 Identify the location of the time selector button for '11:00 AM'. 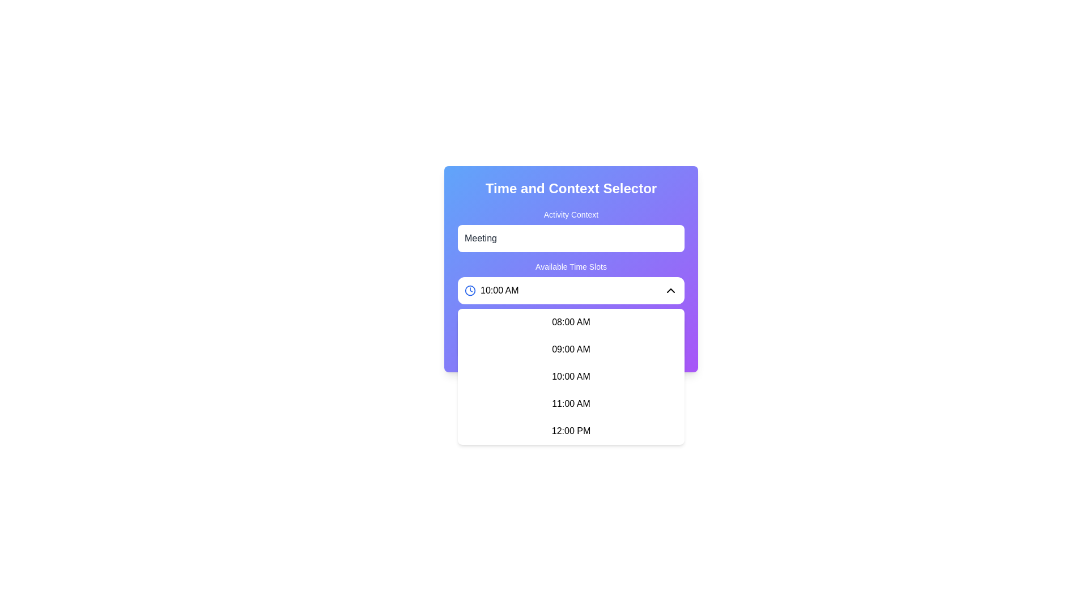
(571, 403).